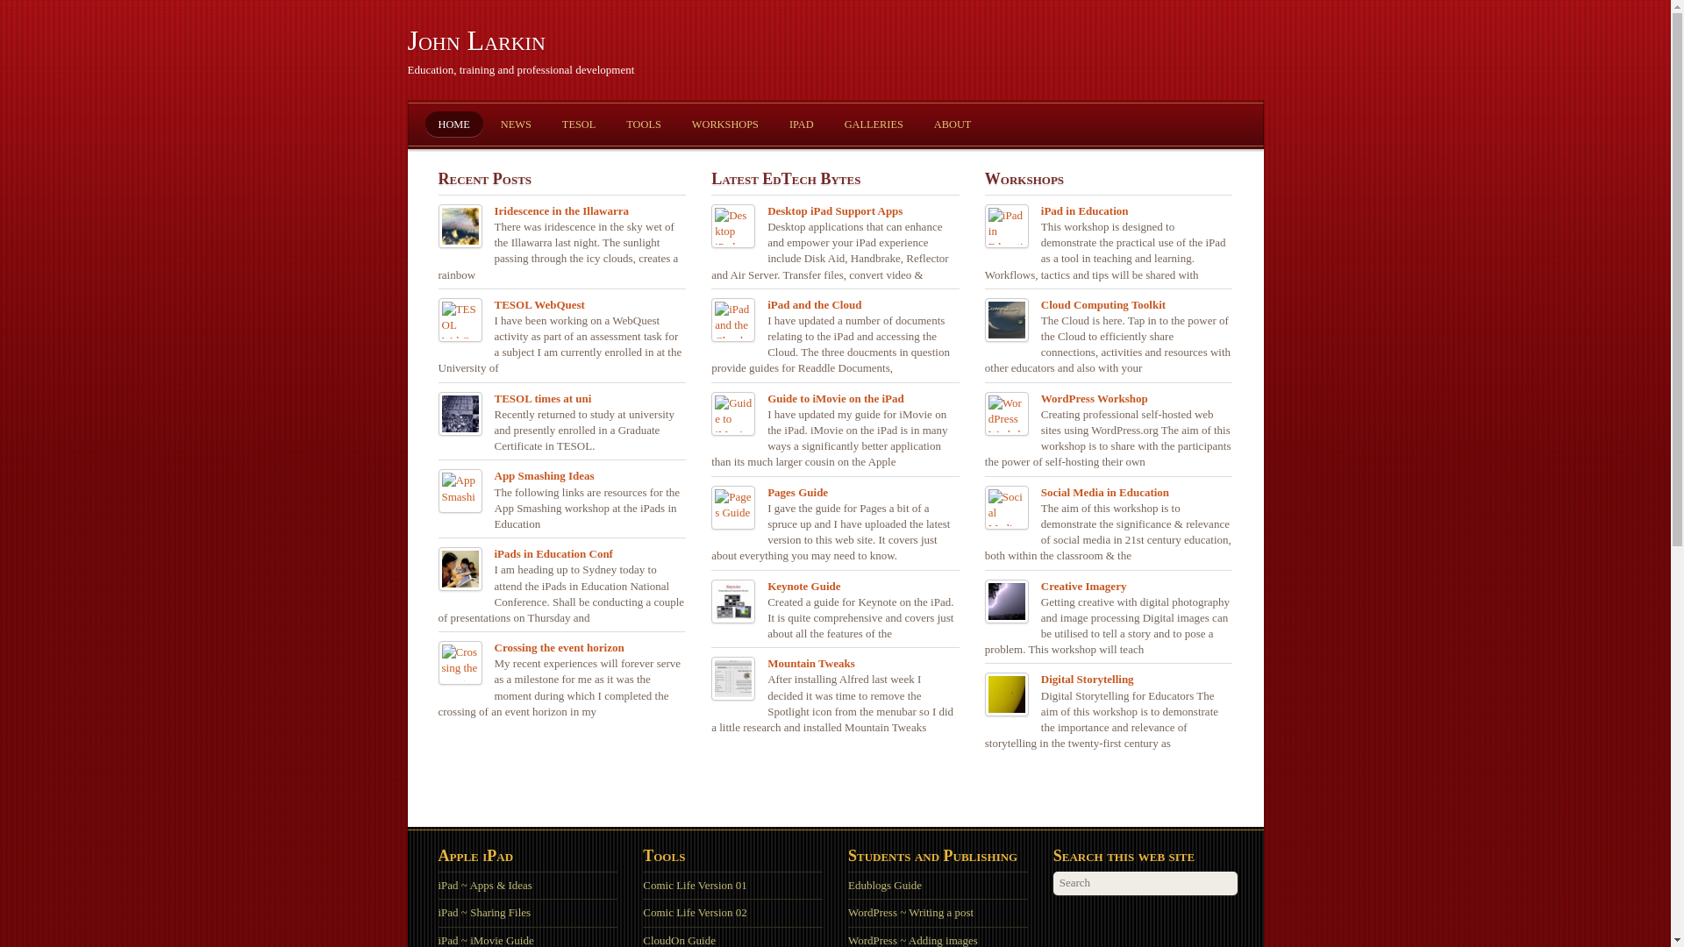 The height and width of the screenshot is (947, 1684). Describe the element at coordinates (643, 124) in the screenshot. I see `'TOOLS'` at that location.